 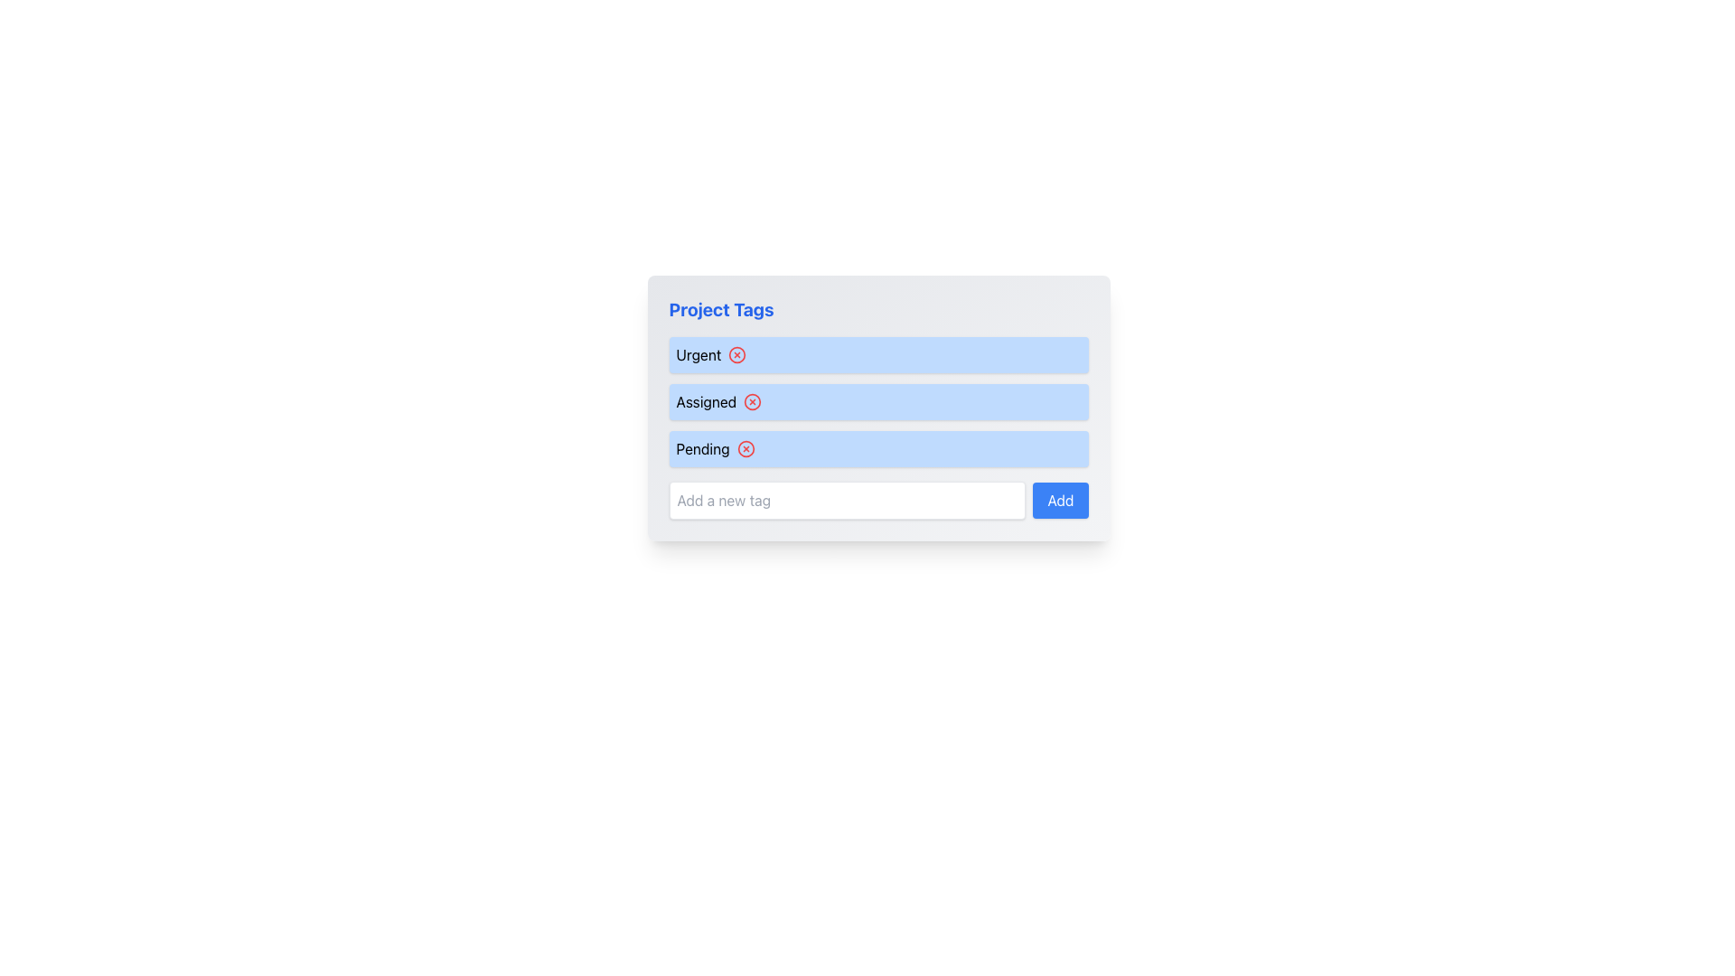 I want to click on the text label 'Assigned', so click(x=705, y=400).